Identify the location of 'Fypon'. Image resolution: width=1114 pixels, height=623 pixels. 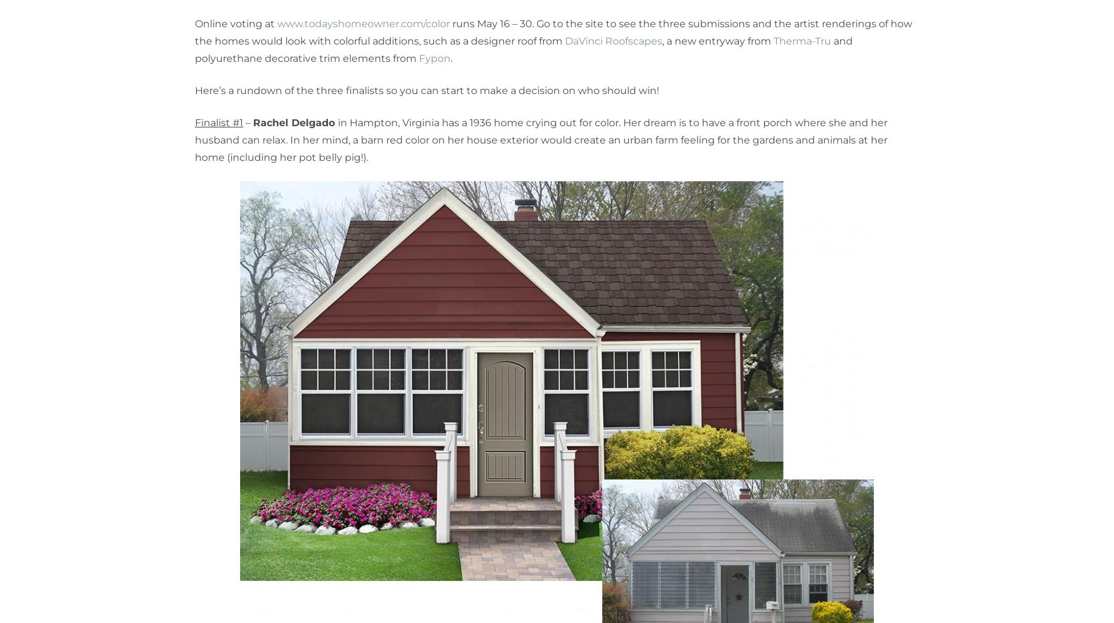
(434, 58).